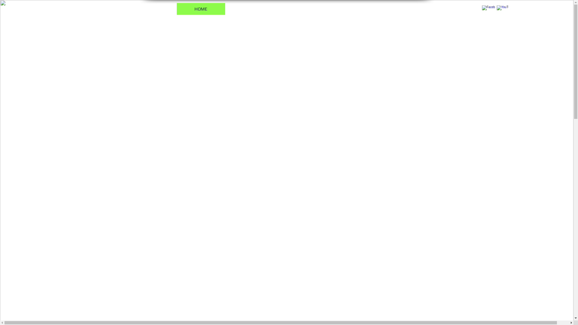 The image size is (578, 325). I want to click on '3 FAT CATS', so click(254, 9).